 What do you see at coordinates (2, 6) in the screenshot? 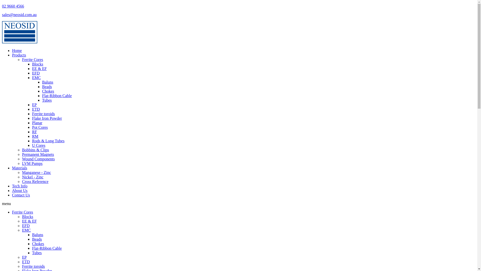
I see `'02 9660 4566'` at bounding box center [2, 6].